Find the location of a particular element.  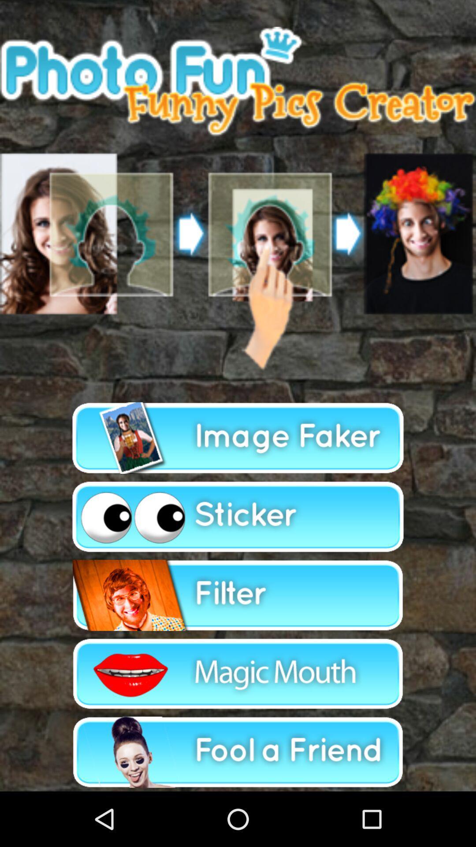

screen select botton is located at coordinates (238, 199).